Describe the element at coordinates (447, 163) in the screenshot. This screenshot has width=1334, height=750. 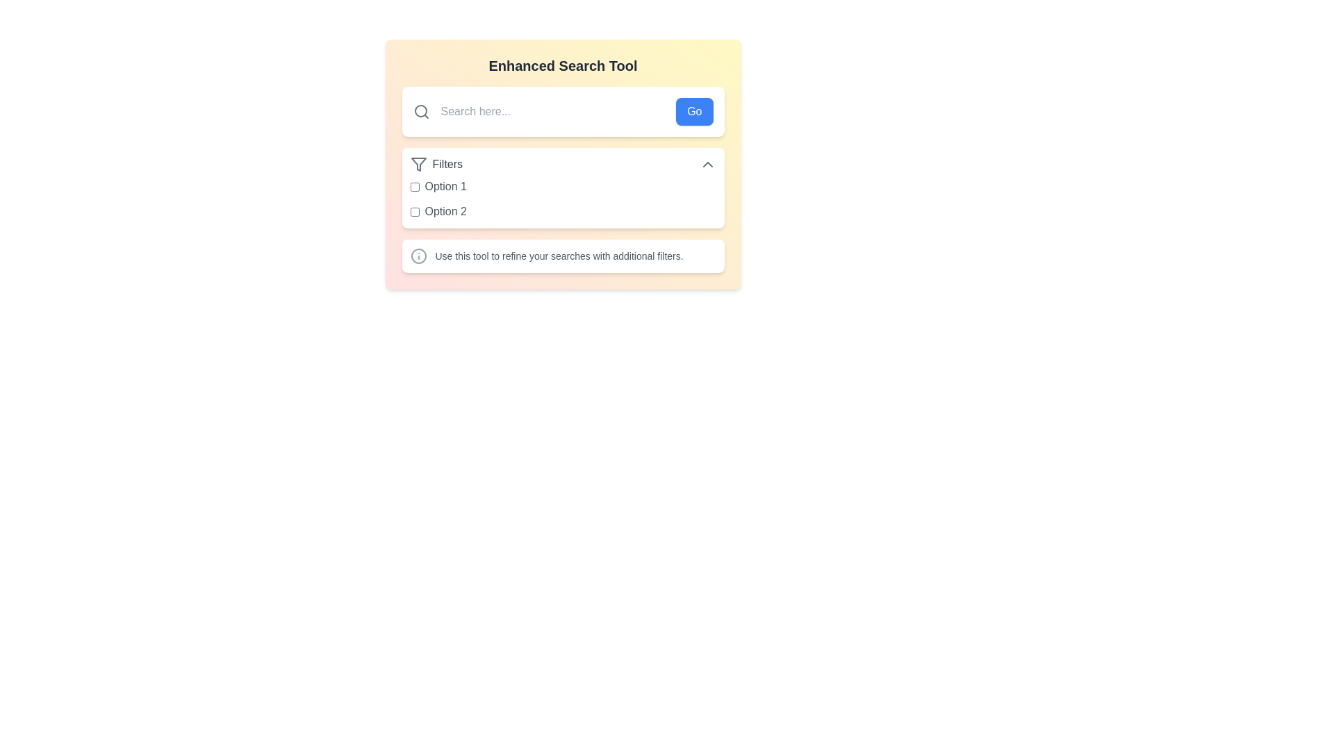
I see `text label displaying 'Filters', which is styled with medium font weight and gray color, located above a list of checkbox options in the upper section of a settings panel` at that location.